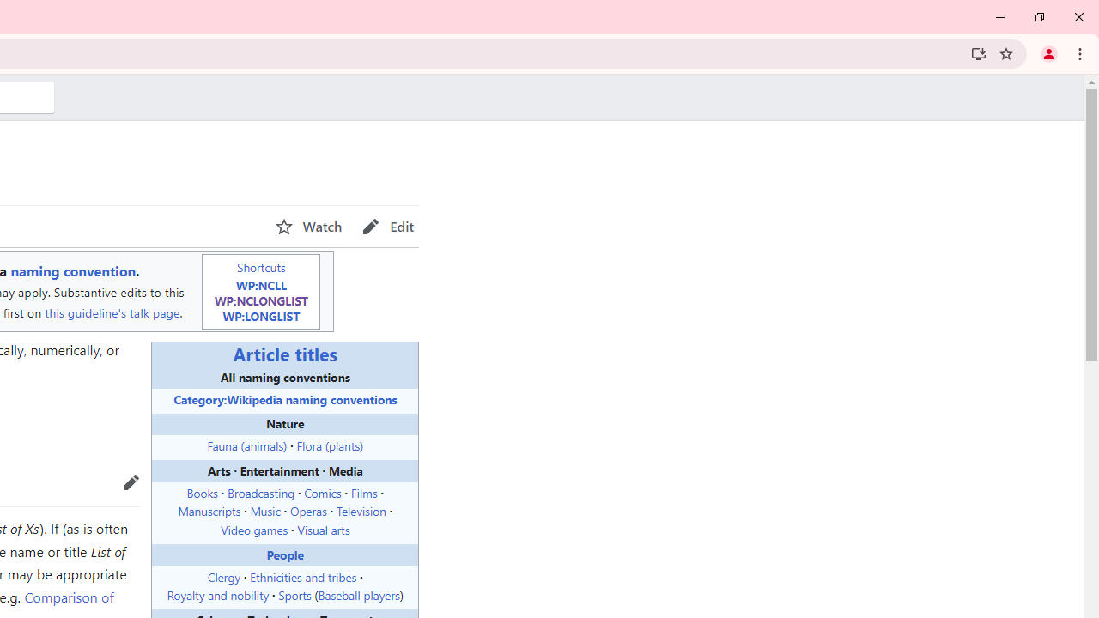 Image resolution: width=1099 pixels, height=618 pixels. Describe the element at coordinates (252, 529) in the screenshot. I see `'Video games'` at that location.